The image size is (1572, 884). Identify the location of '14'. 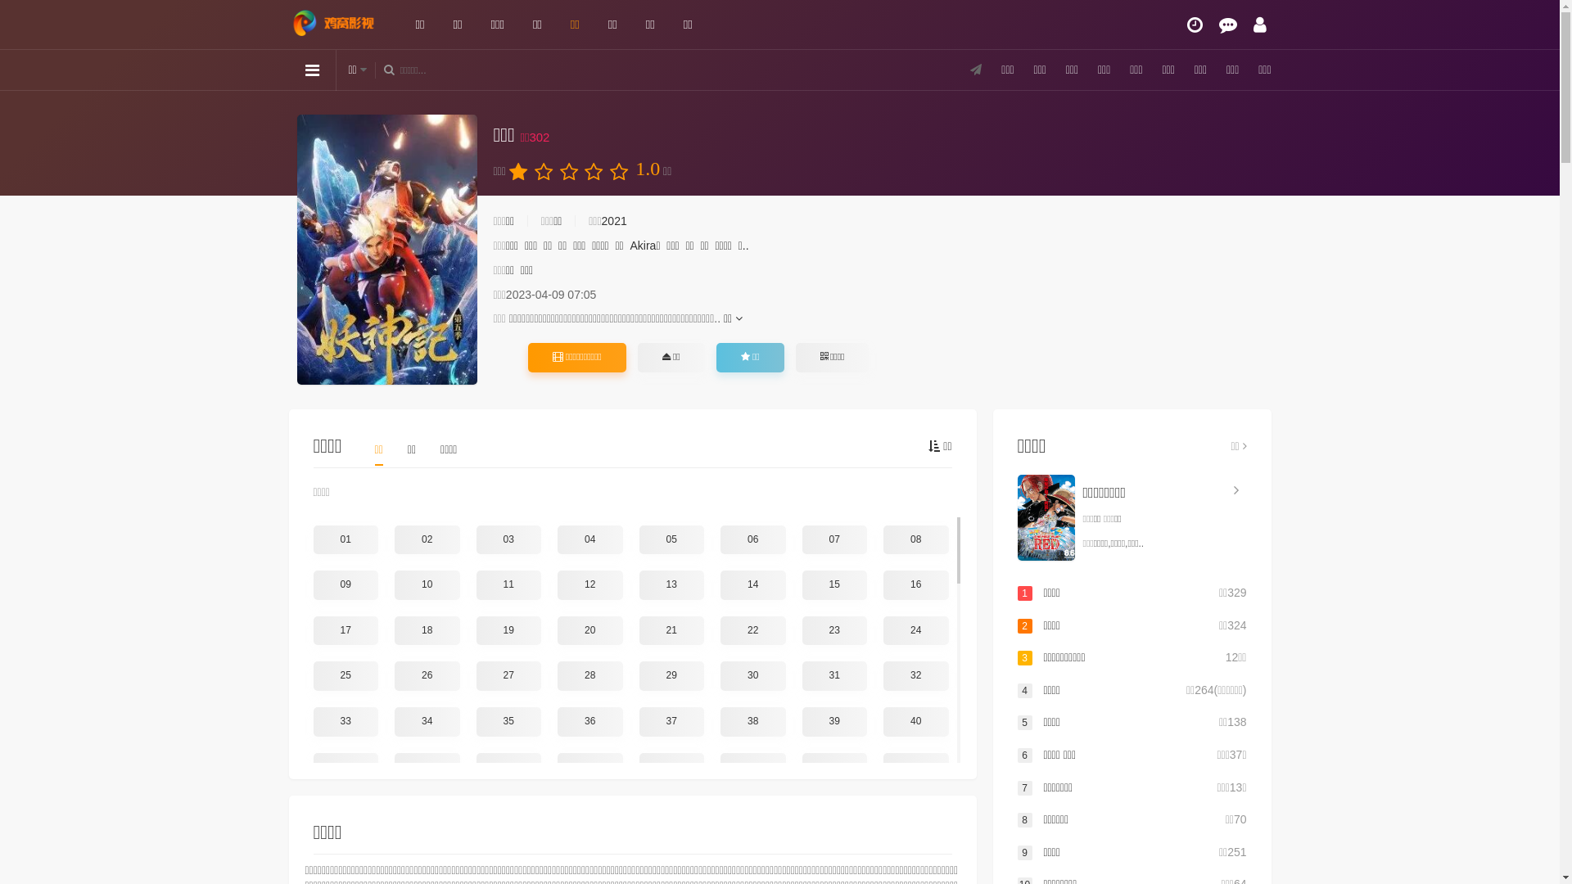
(752, 584).